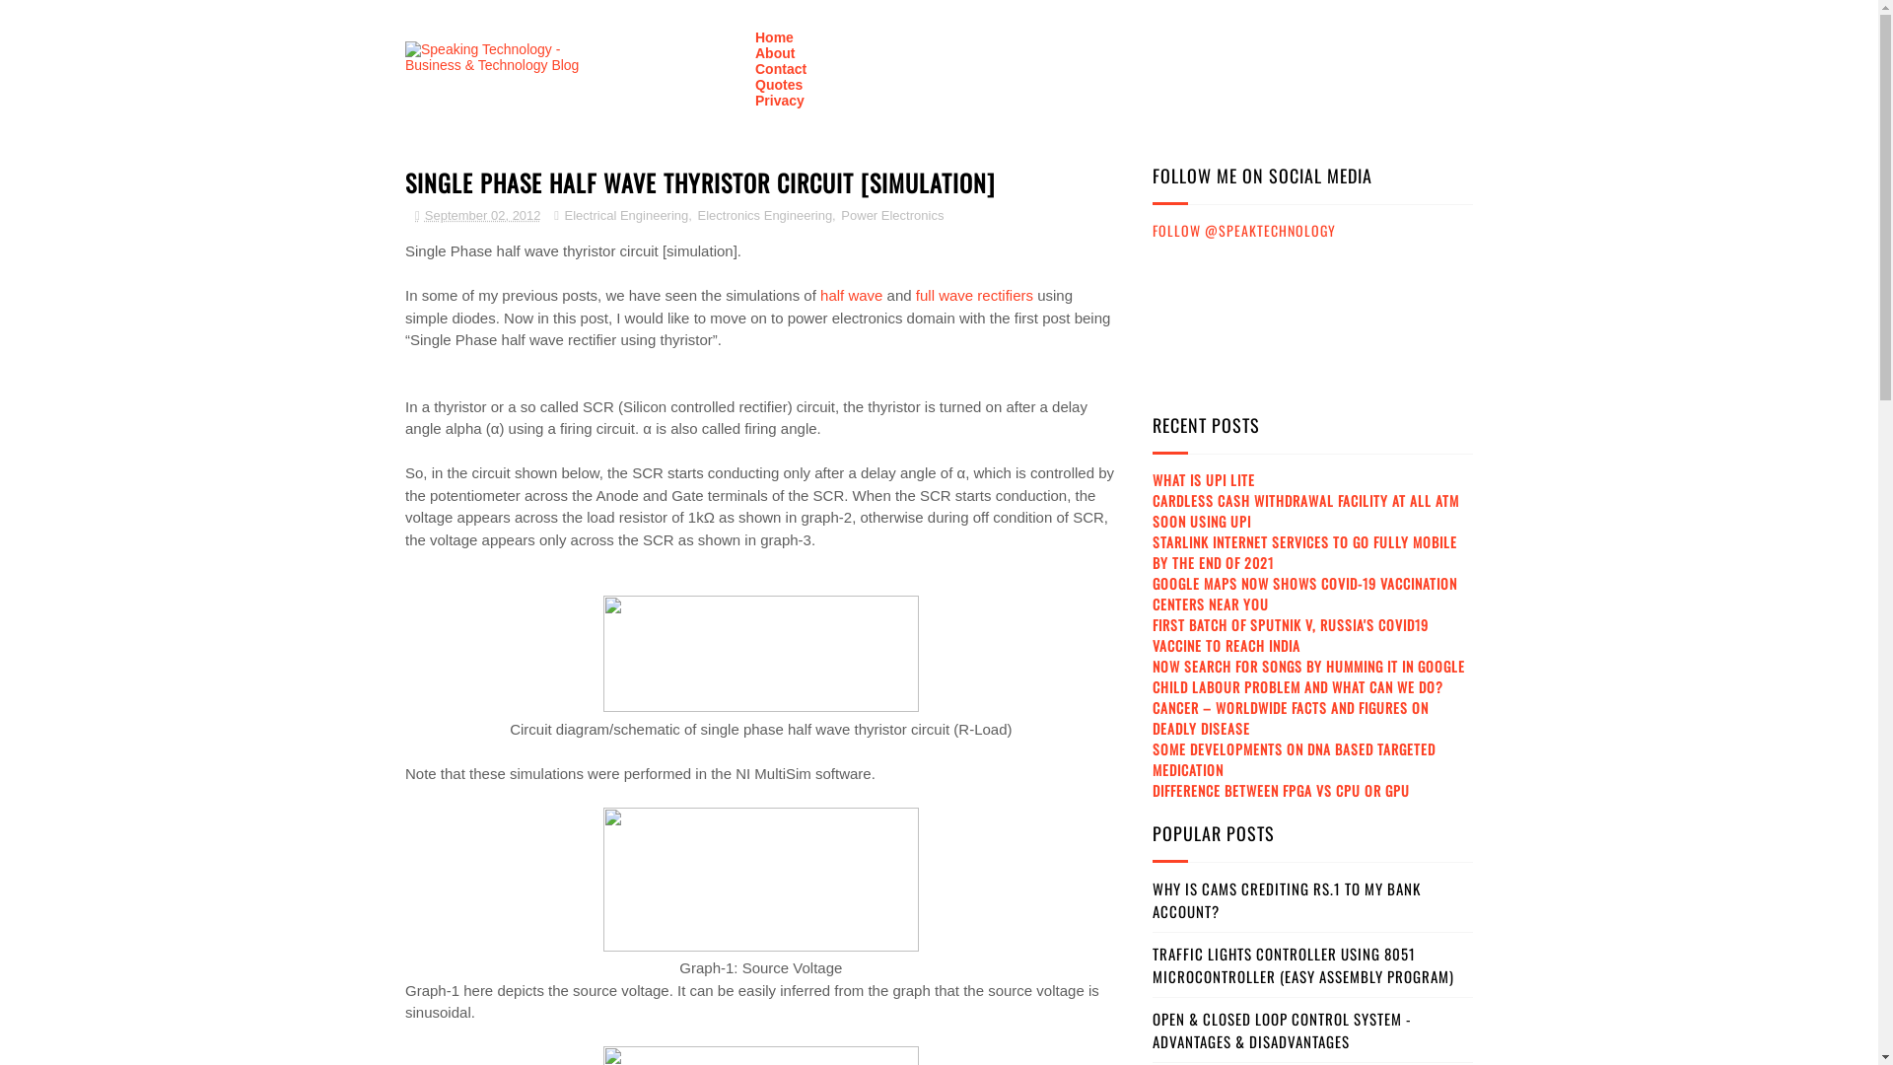  What do you see at coordinates (974, 295) in the screenshot?
I see `'full wave rectifiers'` at bounding box center [974, 295].